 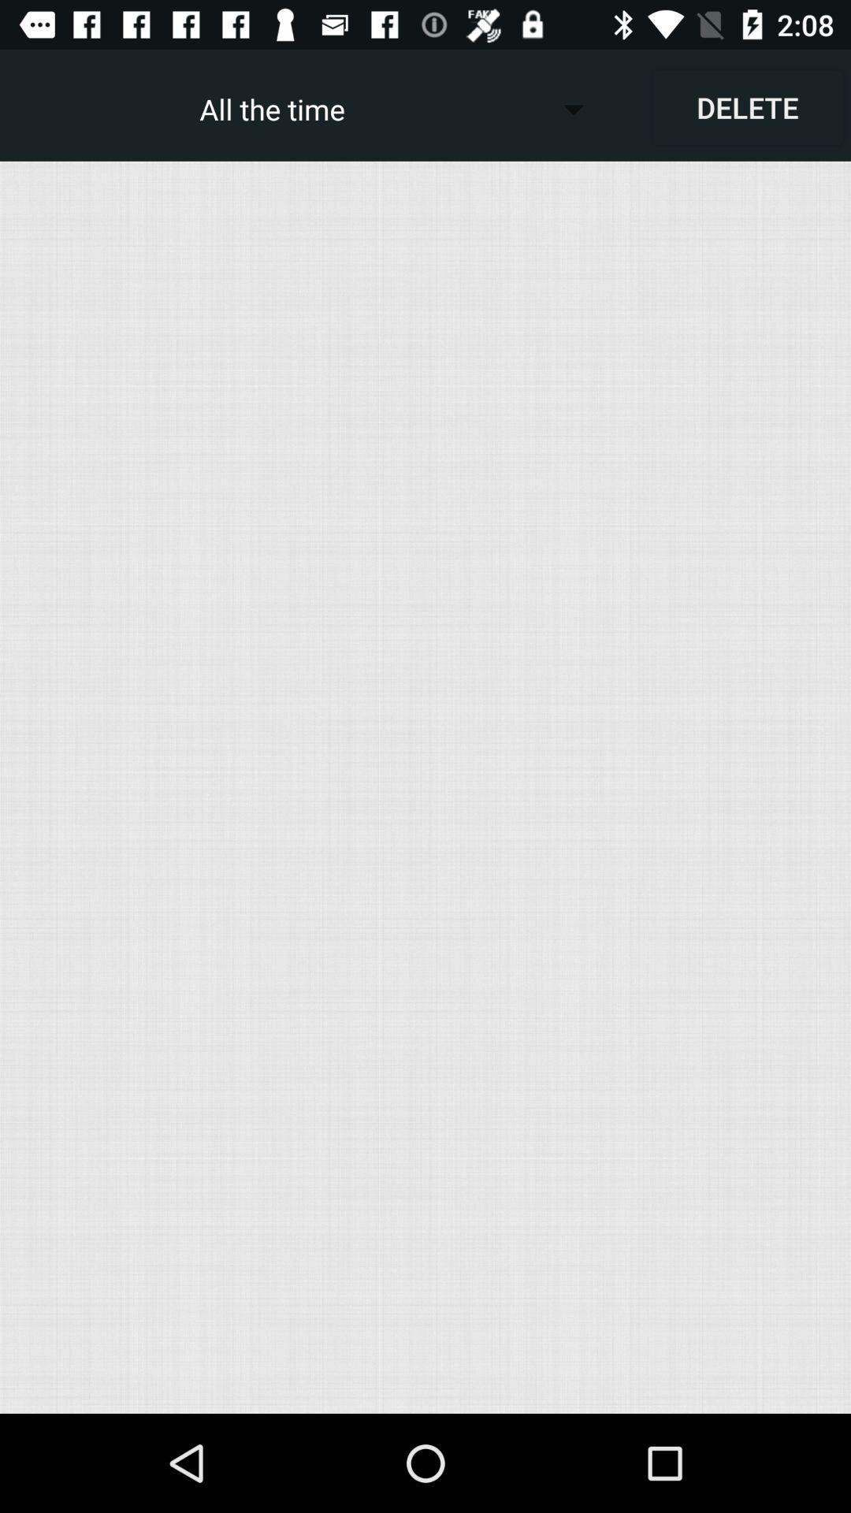 What do you see at coordinates (425, 787) in the screenshot?
I see `the item at the center` at bounding box center [425, 787].